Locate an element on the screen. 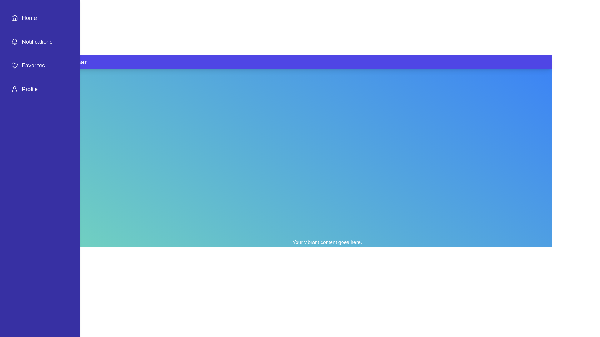 The image size is (600, 337). the menu item Favorites in the sidebar is located at coordinates (40, 65).